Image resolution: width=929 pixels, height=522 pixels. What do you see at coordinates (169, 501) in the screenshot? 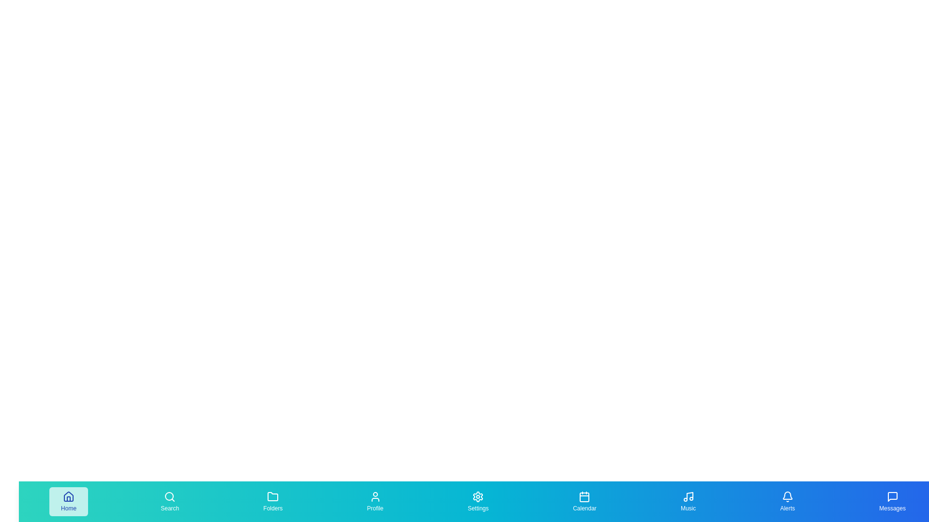
I see `the 'Search' tab in the bottom navigation bar` at bounding box center [169, 501].